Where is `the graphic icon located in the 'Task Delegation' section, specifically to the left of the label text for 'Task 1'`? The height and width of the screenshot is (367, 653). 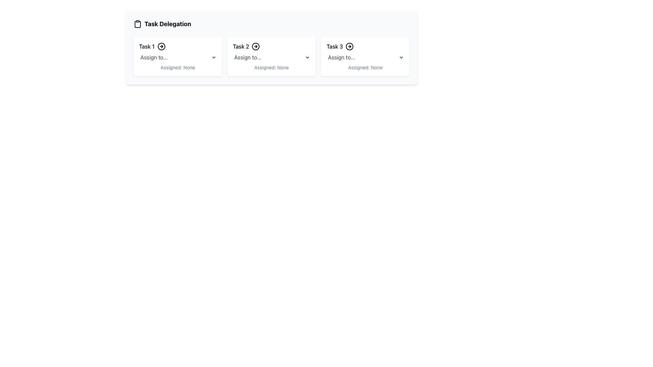
the graphic icon located in the 'Task Delegation' section, specifically to the left of the label text for 'Task 1' is located at coordinates (161, 46).